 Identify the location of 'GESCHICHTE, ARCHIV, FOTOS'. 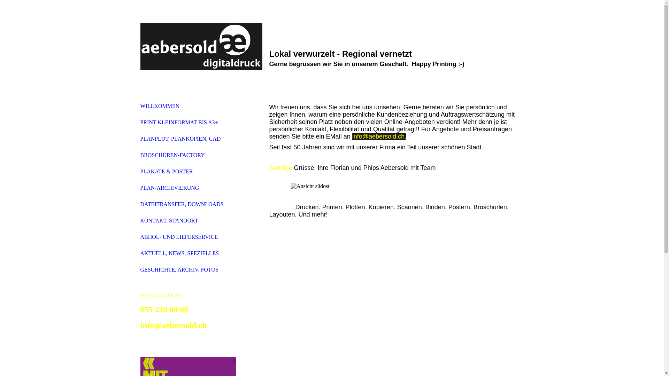
(179, 269).